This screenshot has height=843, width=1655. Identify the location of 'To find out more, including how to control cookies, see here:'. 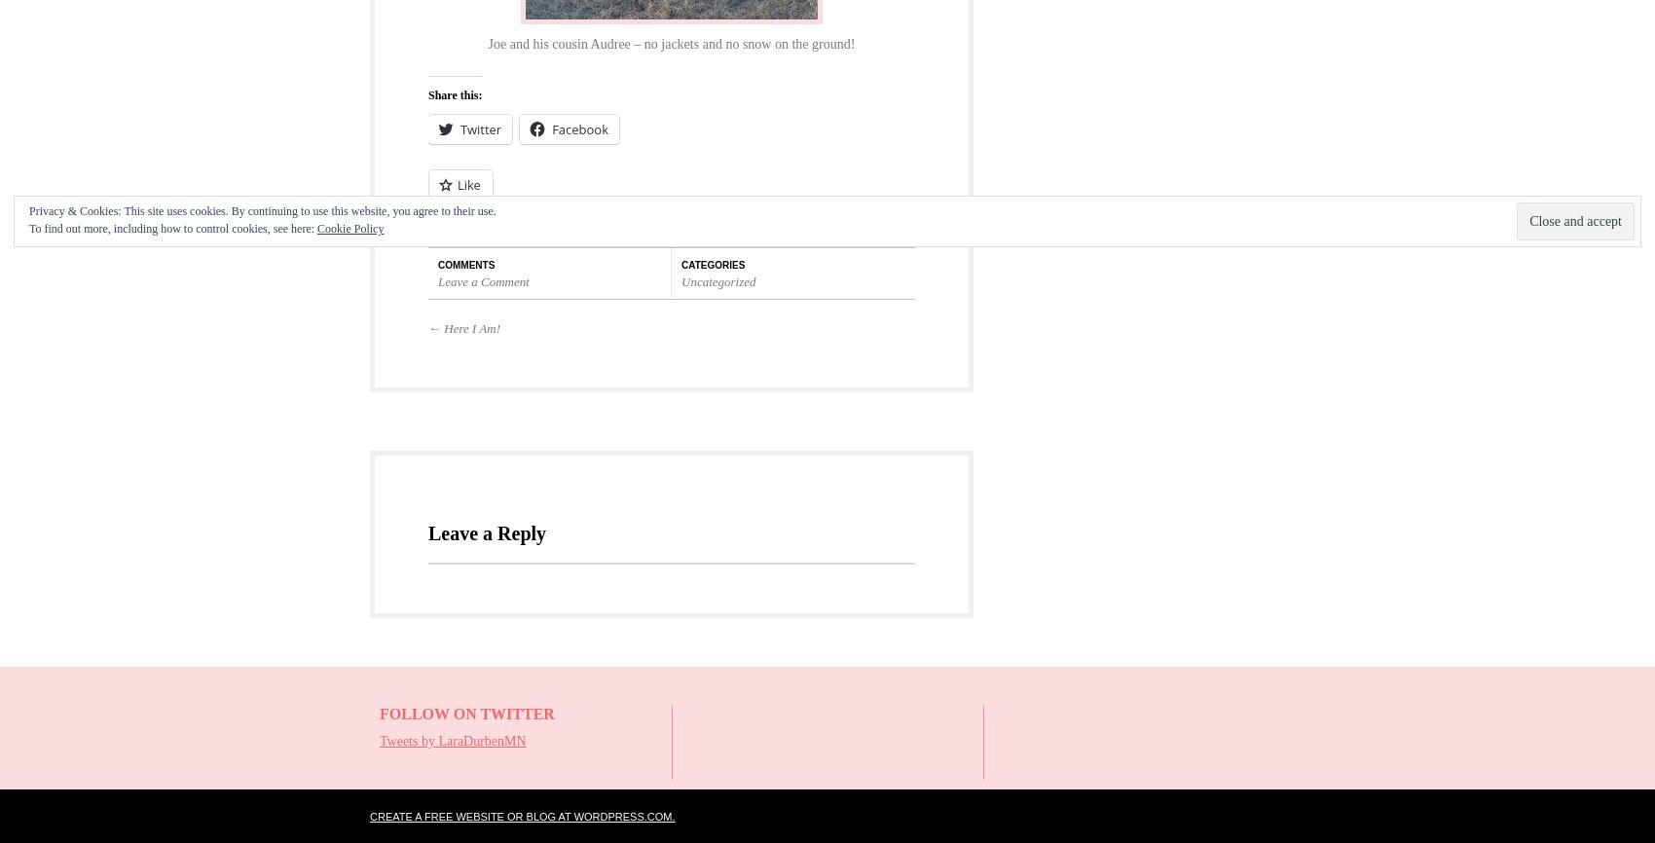
(171, 228).